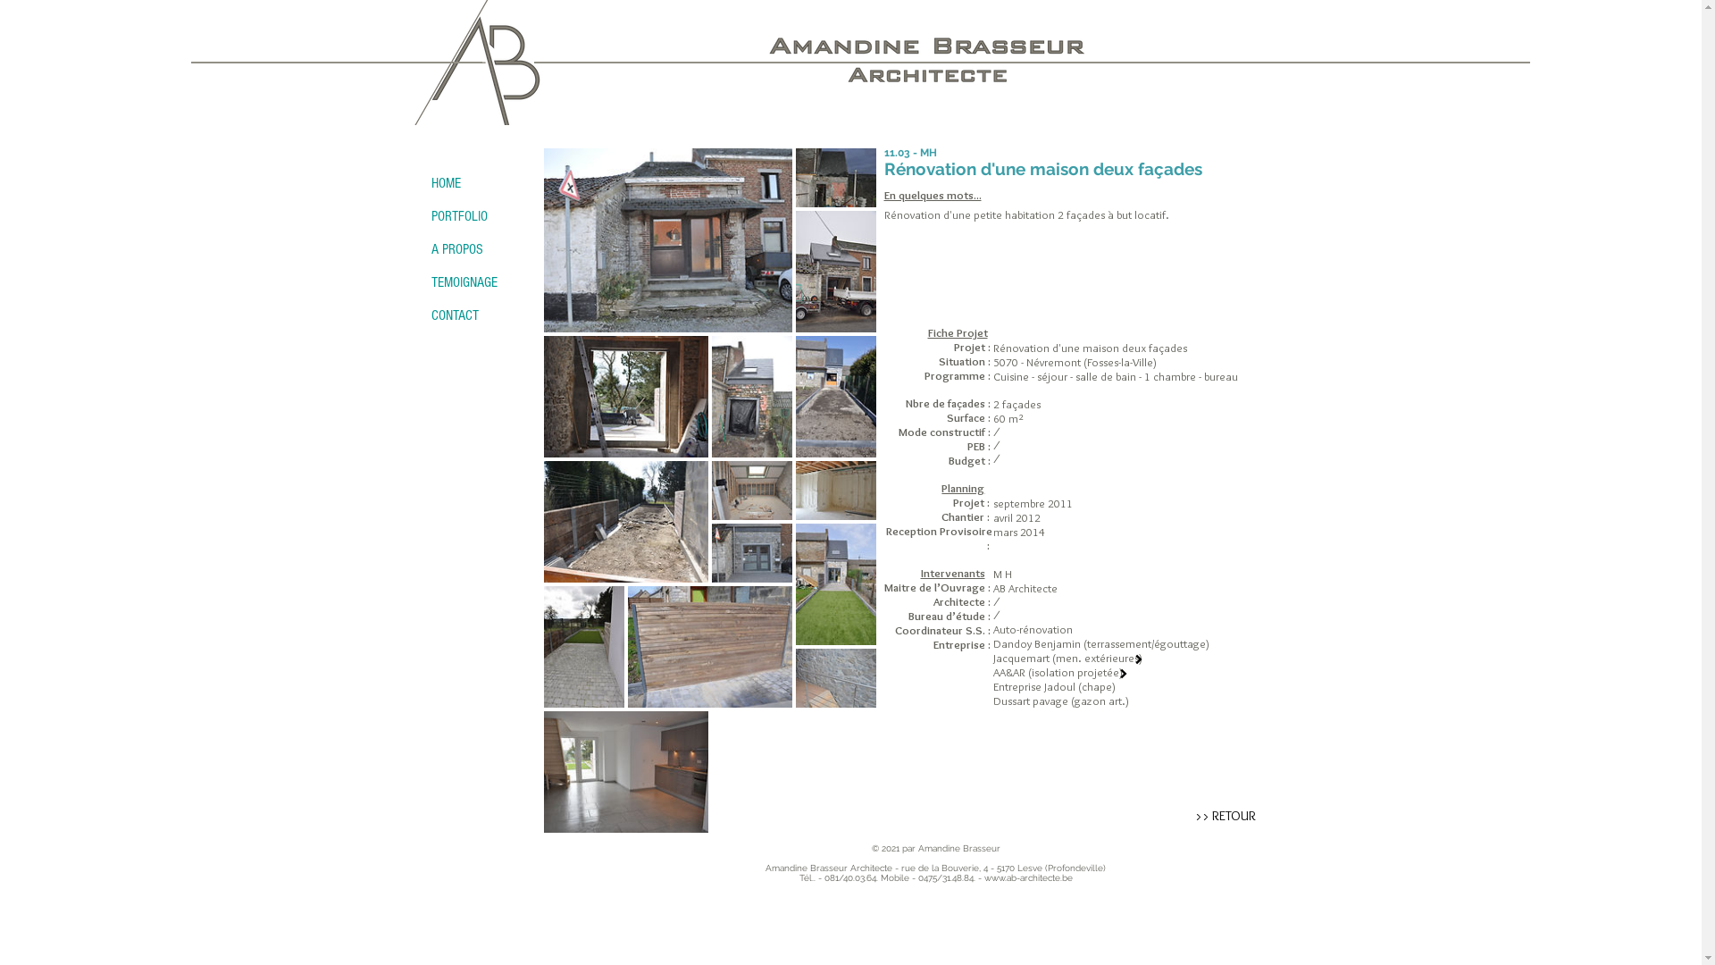  I want to click on 'HOME', so click(480, 183).